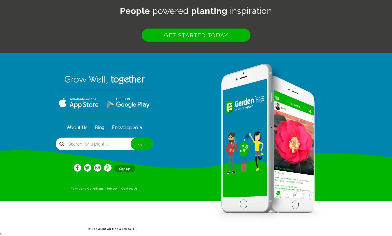 This screenshot has height=236, width=392. Describe the element at coordinates (100, 127) in the screenshot. I see `'Blog'` at that location.